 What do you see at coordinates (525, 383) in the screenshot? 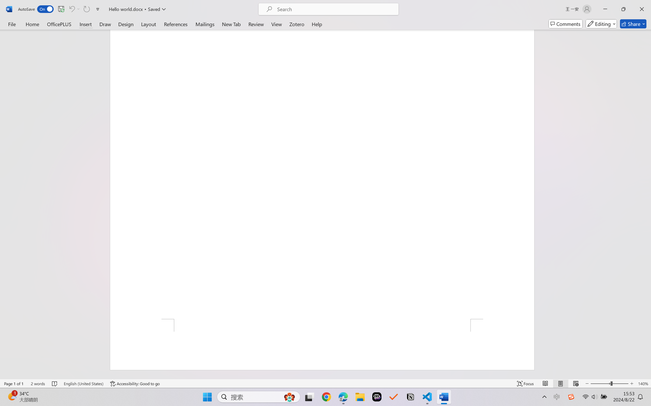
I see `'Focus '` at bounding box center [525, 383].